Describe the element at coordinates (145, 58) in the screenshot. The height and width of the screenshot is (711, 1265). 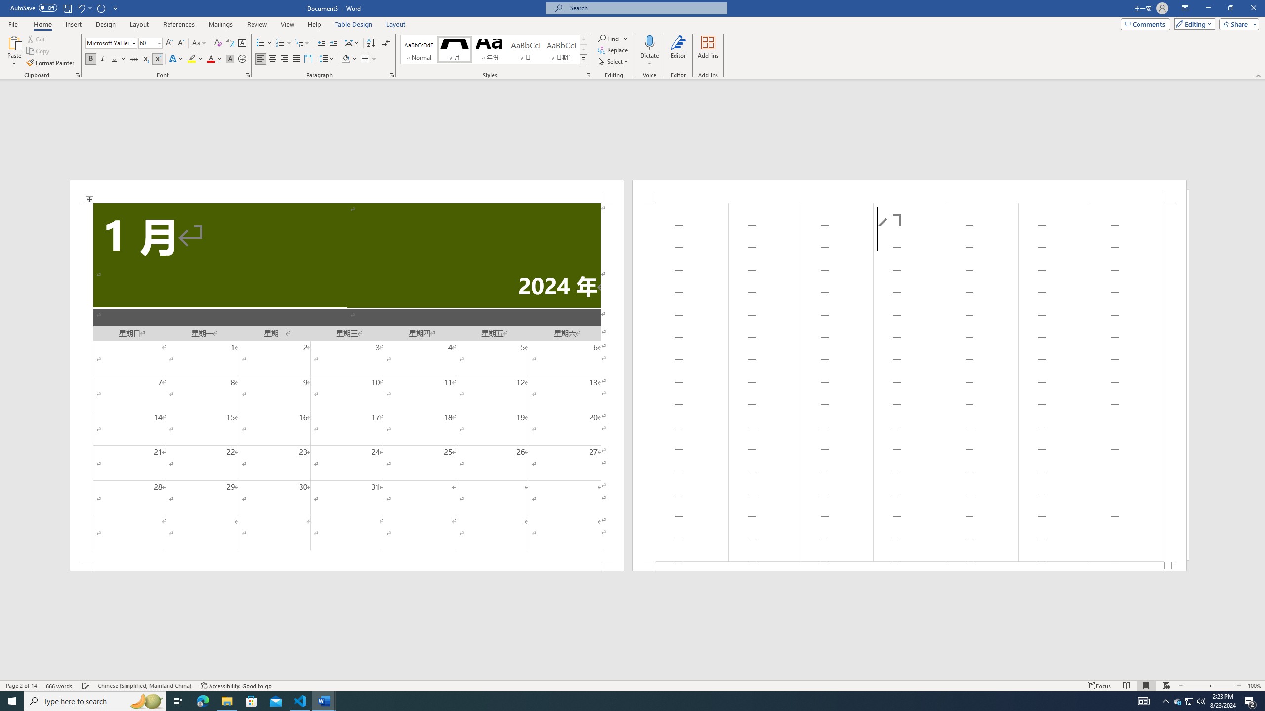
I see `'Subscript'` at that location.